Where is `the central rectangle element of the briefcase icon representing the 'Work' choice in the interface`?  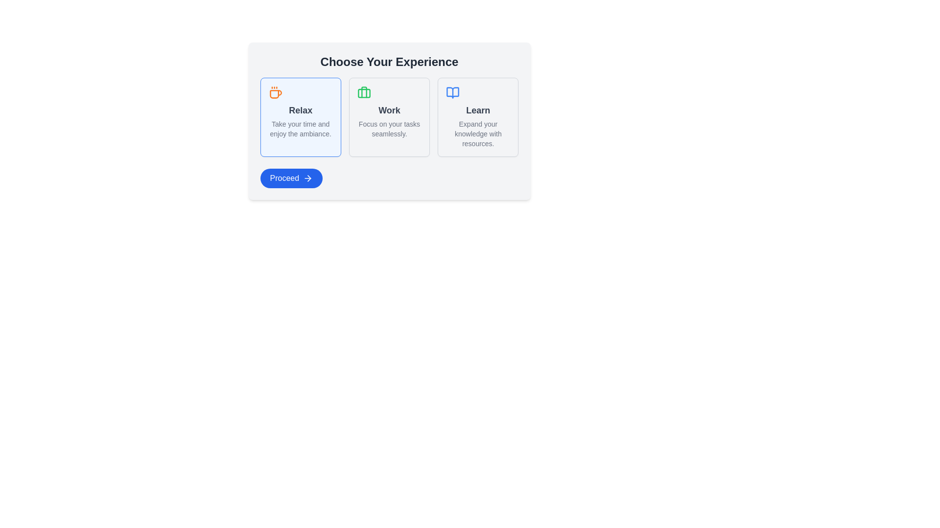 the central rectangle element of the briefcase icon representing the 'Work' choice in the interface is located at coordinates (363, 93).